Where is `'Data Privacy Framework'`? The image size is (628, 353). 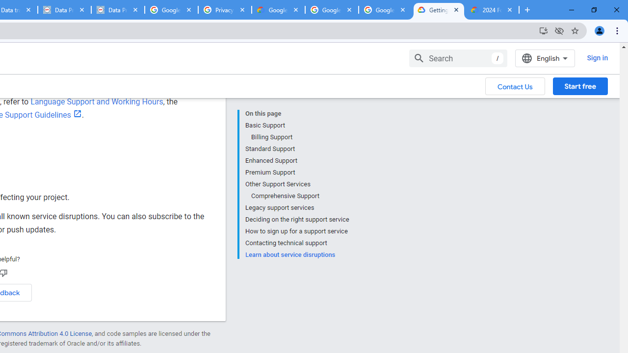
'Data Privacy Framework' is located at coordinates (118, 10).